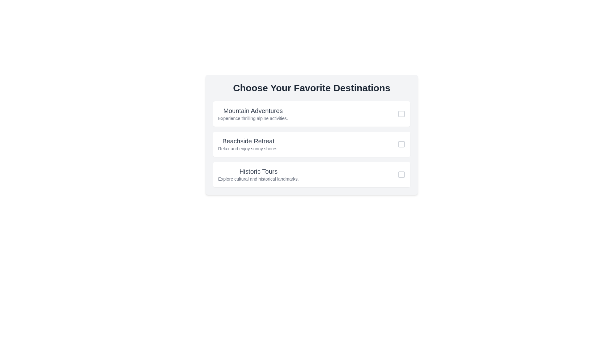 The width and height of the screenshot is (607, 341). What do you see at coordinates (258, 174) in the screenshot?
I see `the informational text label for 'Historic Tours', which is the third item in the vertical list of preferences under 'Choose Your Favorite Destinations'` at bounding box center [258, 174].